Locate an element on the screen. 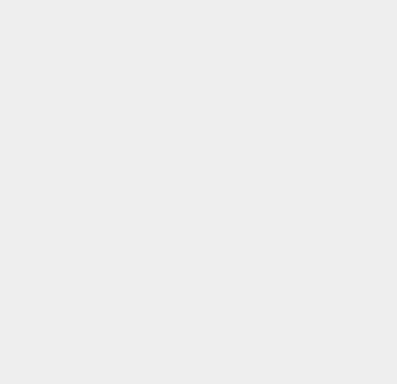 Image resolution: width=397 pixels, height=384 pixels. 'Windows Server 8' is located at coordinates (300, 41).